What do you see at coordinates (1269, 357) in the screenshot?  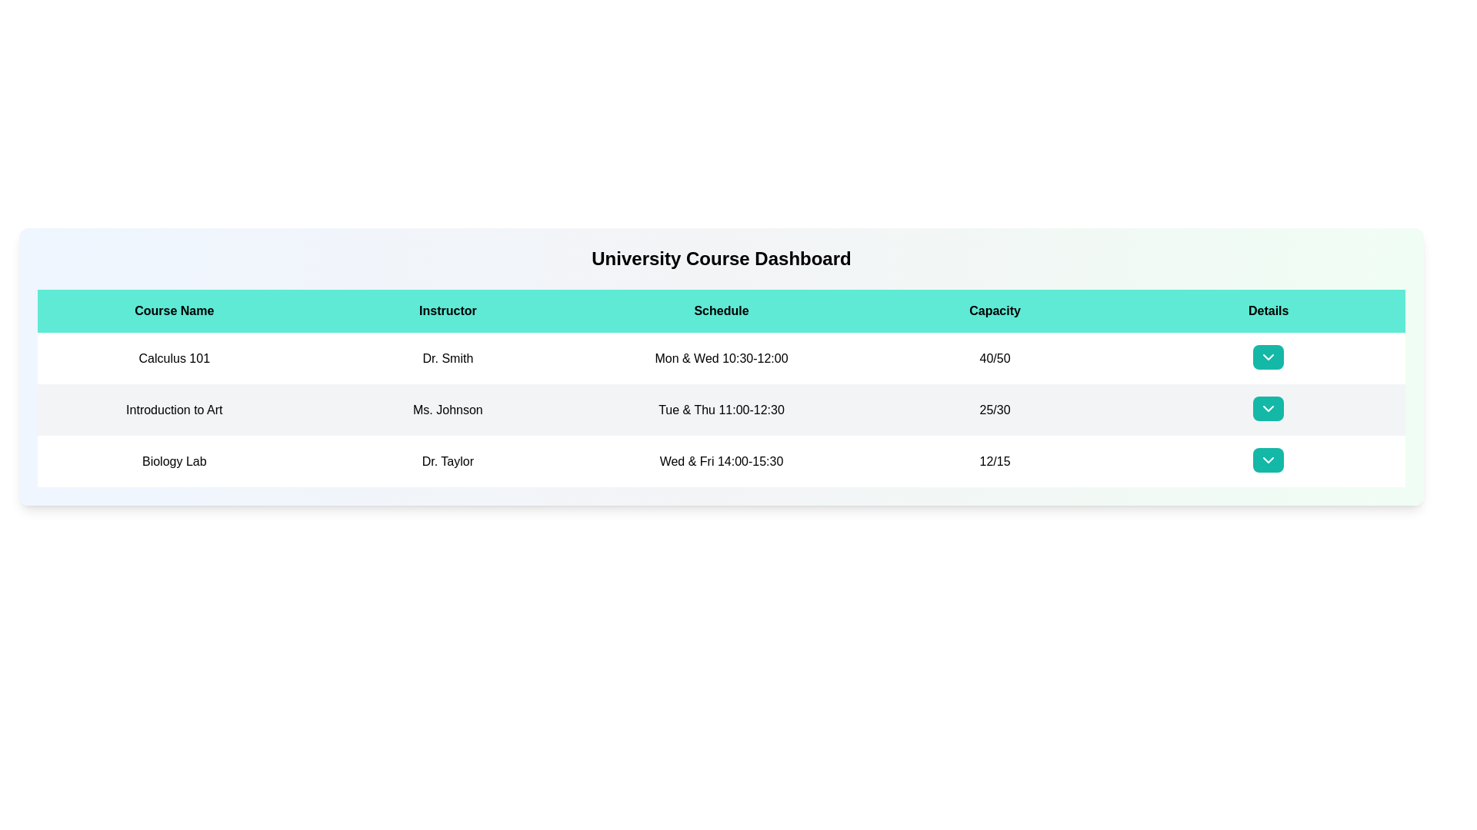 I see `the toggle button in the 'Details' column of the first row of the table` at bounding box center [1269, 357].